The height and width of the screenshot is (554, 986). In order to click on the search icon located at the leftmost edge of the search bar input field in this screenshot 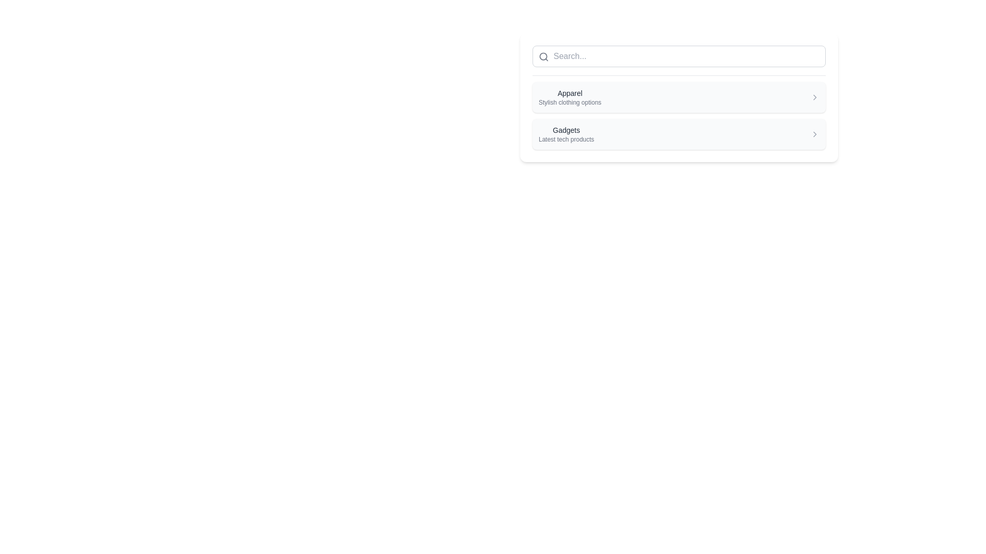, I will do `click(543, 57)`.